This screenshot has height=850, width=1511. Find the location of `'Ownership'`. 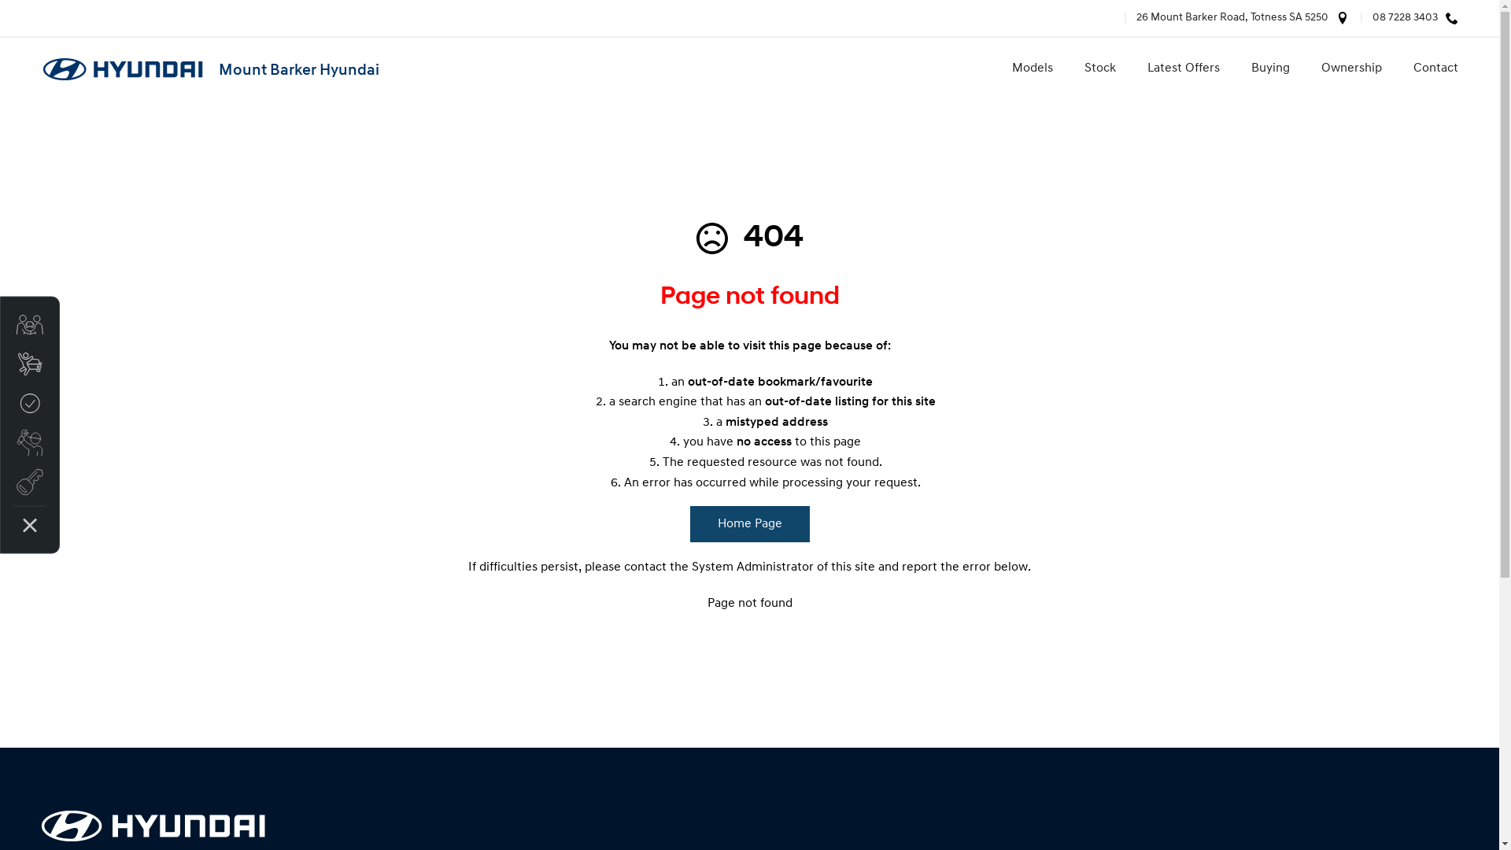

'Ownership' is located at coordinates (1304, 68).